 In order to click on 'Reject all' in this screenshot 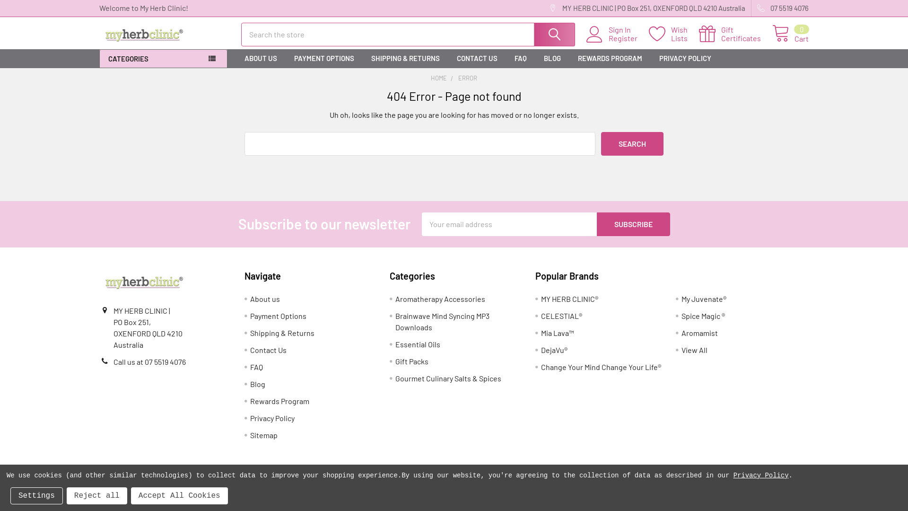, I will do `click(66, 495)`.